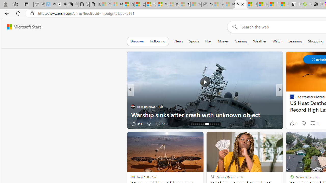 The height and width of the screenshot is (183, 326). Describe the element at coordinates (293, 124) in the screenshot. I see `'115 Like'` at that location.